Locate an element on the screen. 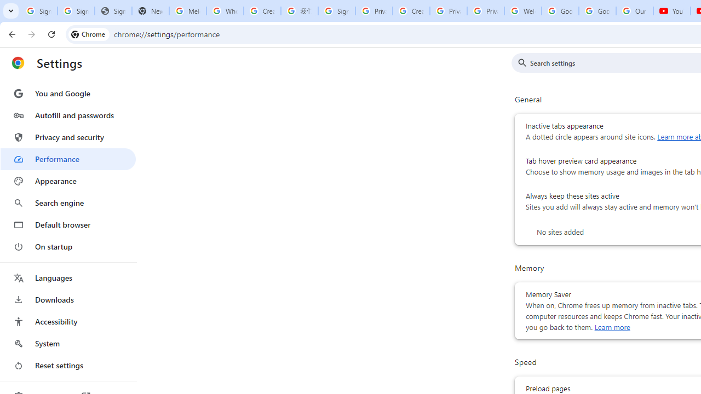  'Privacy and security' is located at coordinates (67, 136).